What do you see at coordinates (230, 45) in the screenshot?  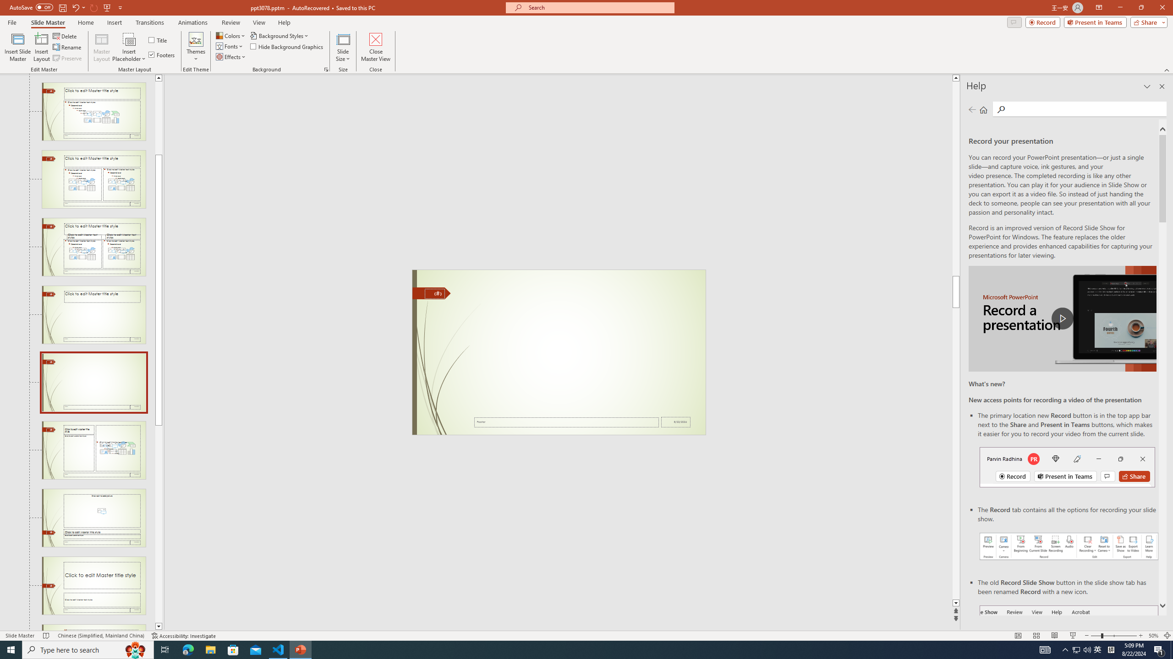 I see `'Fonts'` at bounding box center [230, 45].